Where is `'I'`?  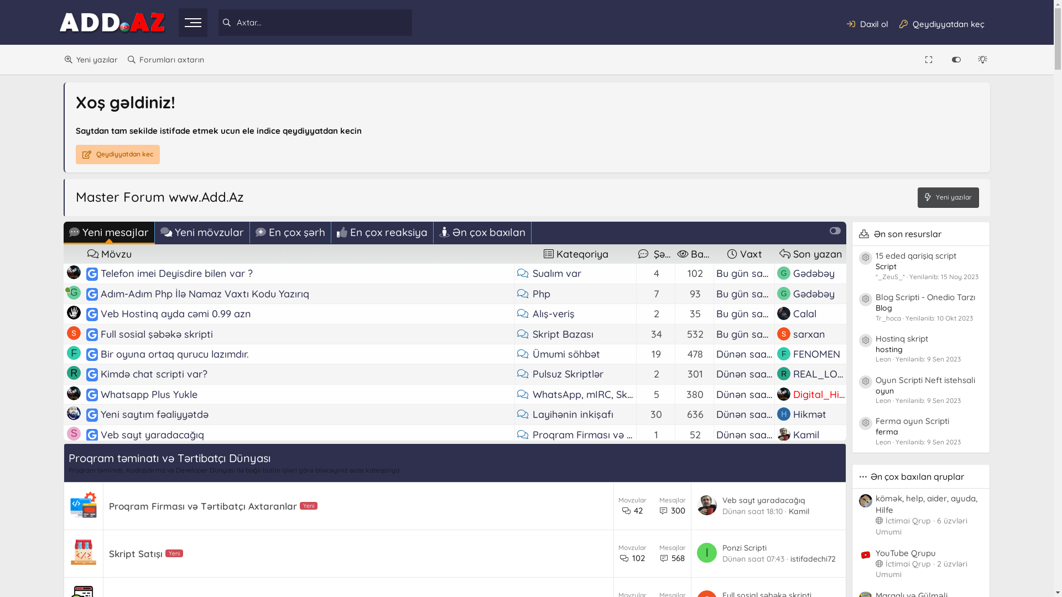 'I' is located at coordinates (706, 552).